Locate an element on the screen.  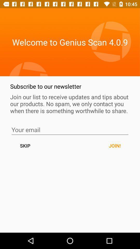
button to the right of skip icon is located at coordinates (115, 146).